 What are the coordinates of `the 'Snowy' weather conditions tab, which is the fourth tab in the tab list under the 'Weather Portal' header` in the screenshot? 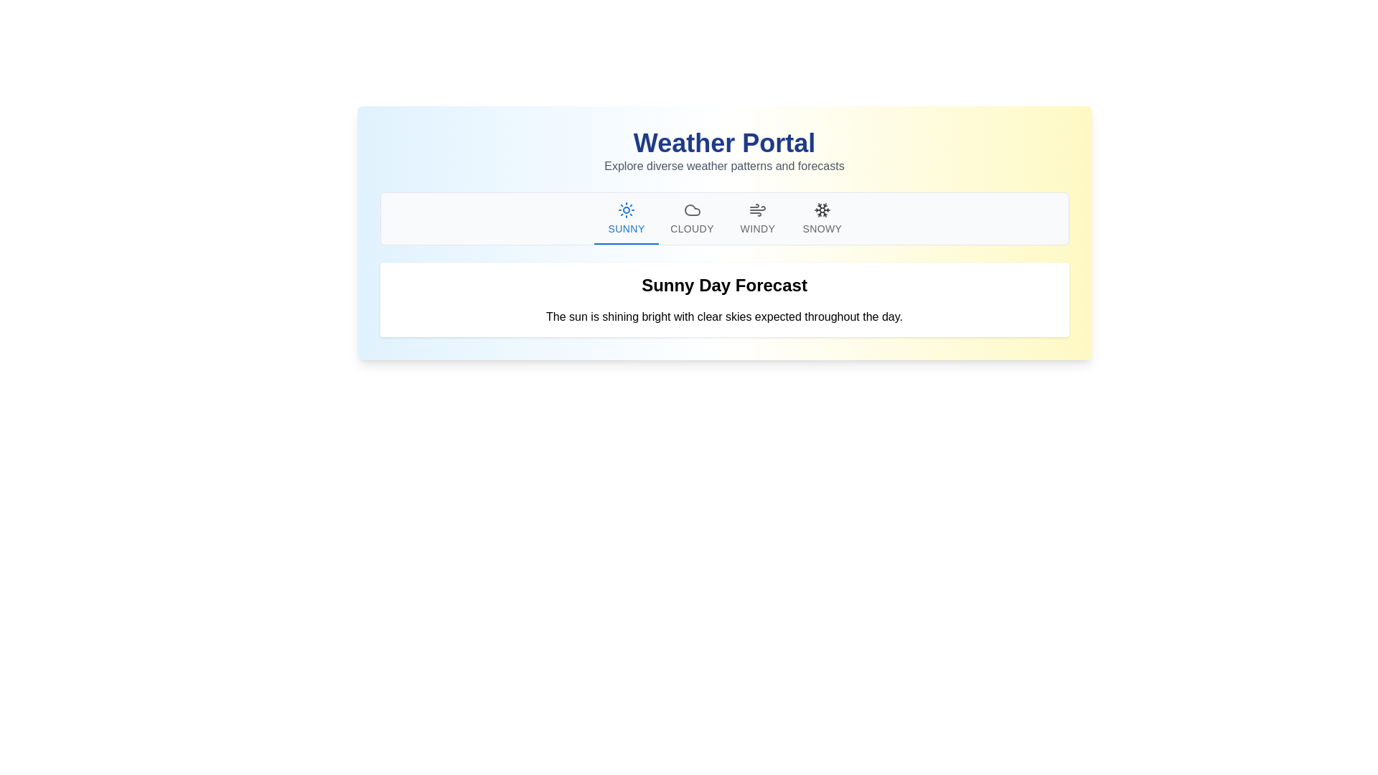 It's located at (822, 218).